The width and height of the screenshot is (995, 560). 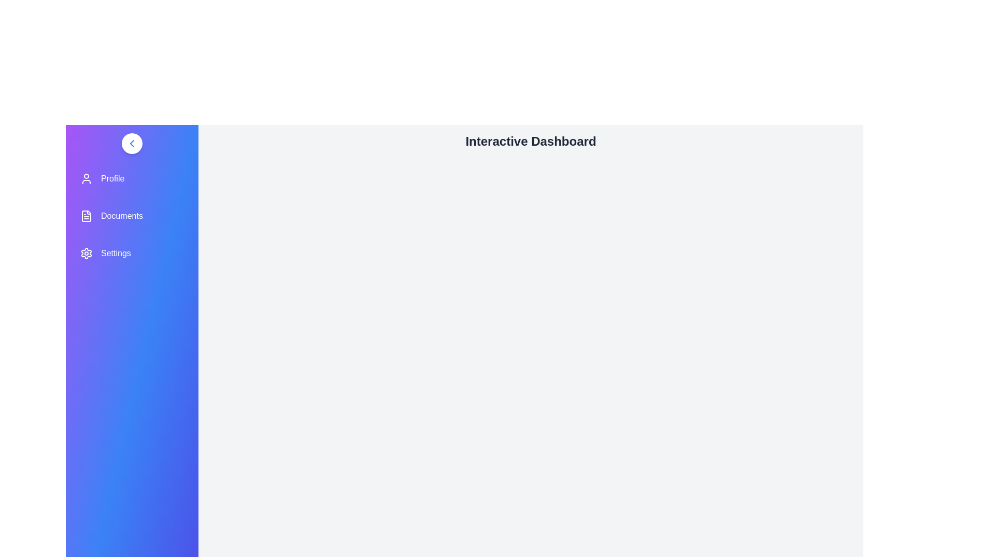 What do you see at coordinates (131, 178) in the screenshot?
I see `the menu item Profile` at bounding box center [131, 178].